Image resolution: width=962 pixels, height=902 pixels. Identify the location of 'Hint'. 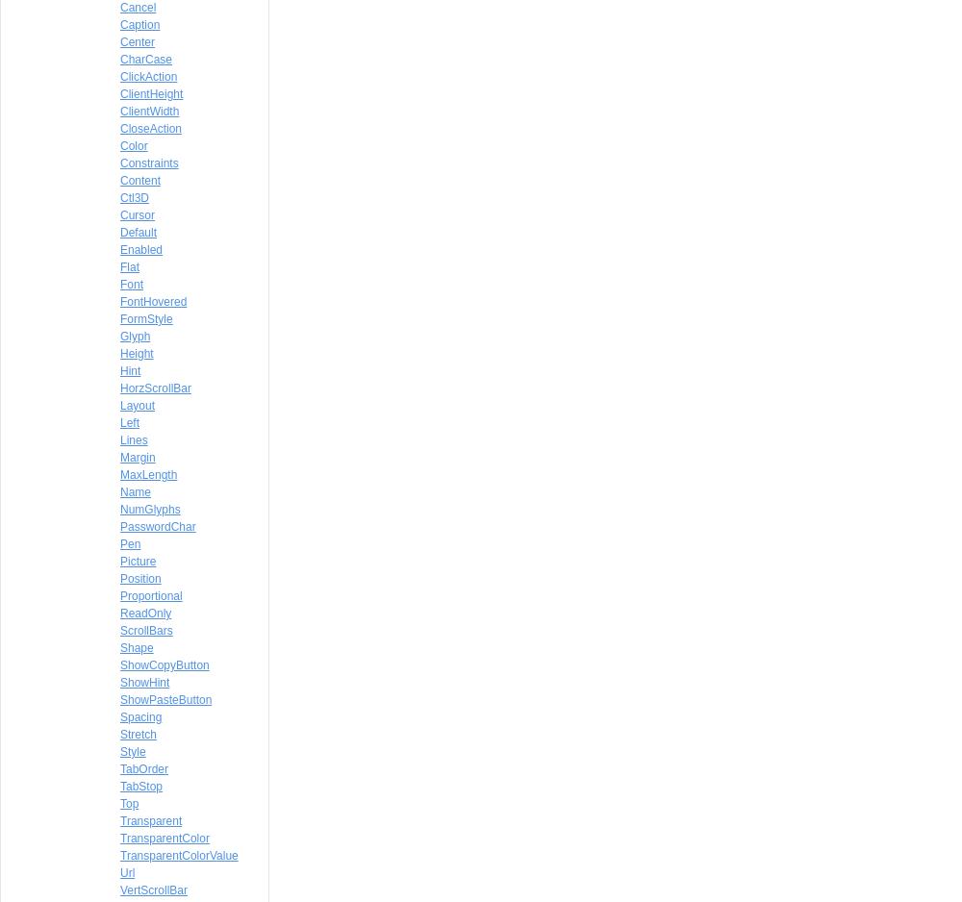
(130, 369).